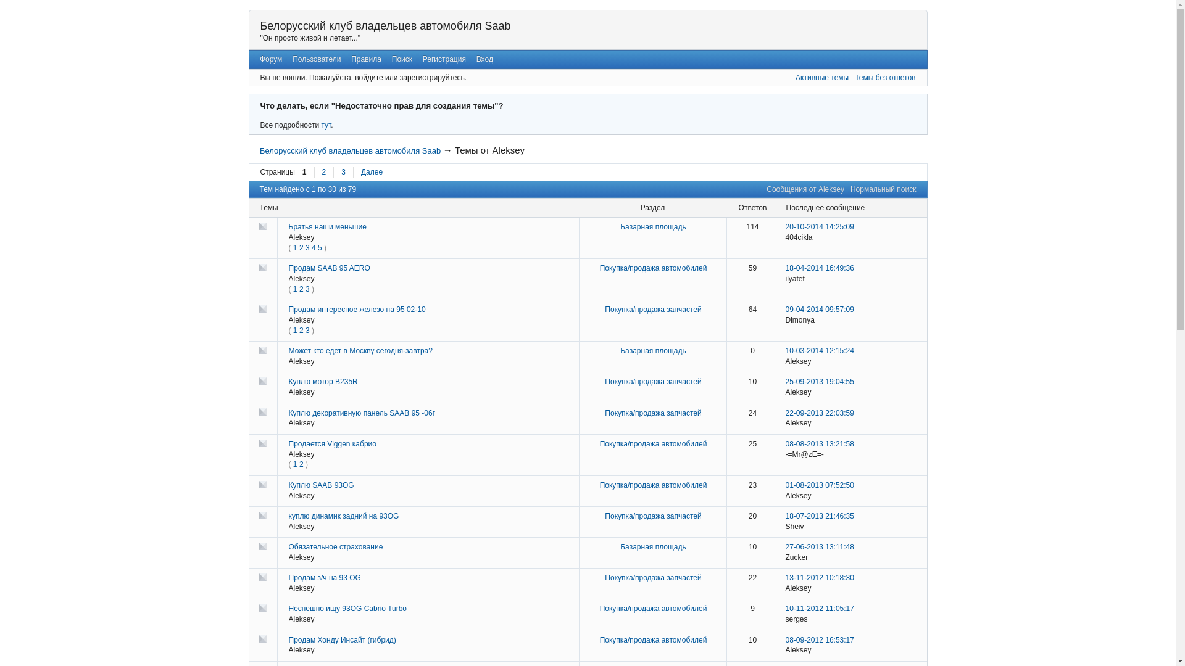  I want to click on '09-04-2014 09:57:09', so click(784, 308).